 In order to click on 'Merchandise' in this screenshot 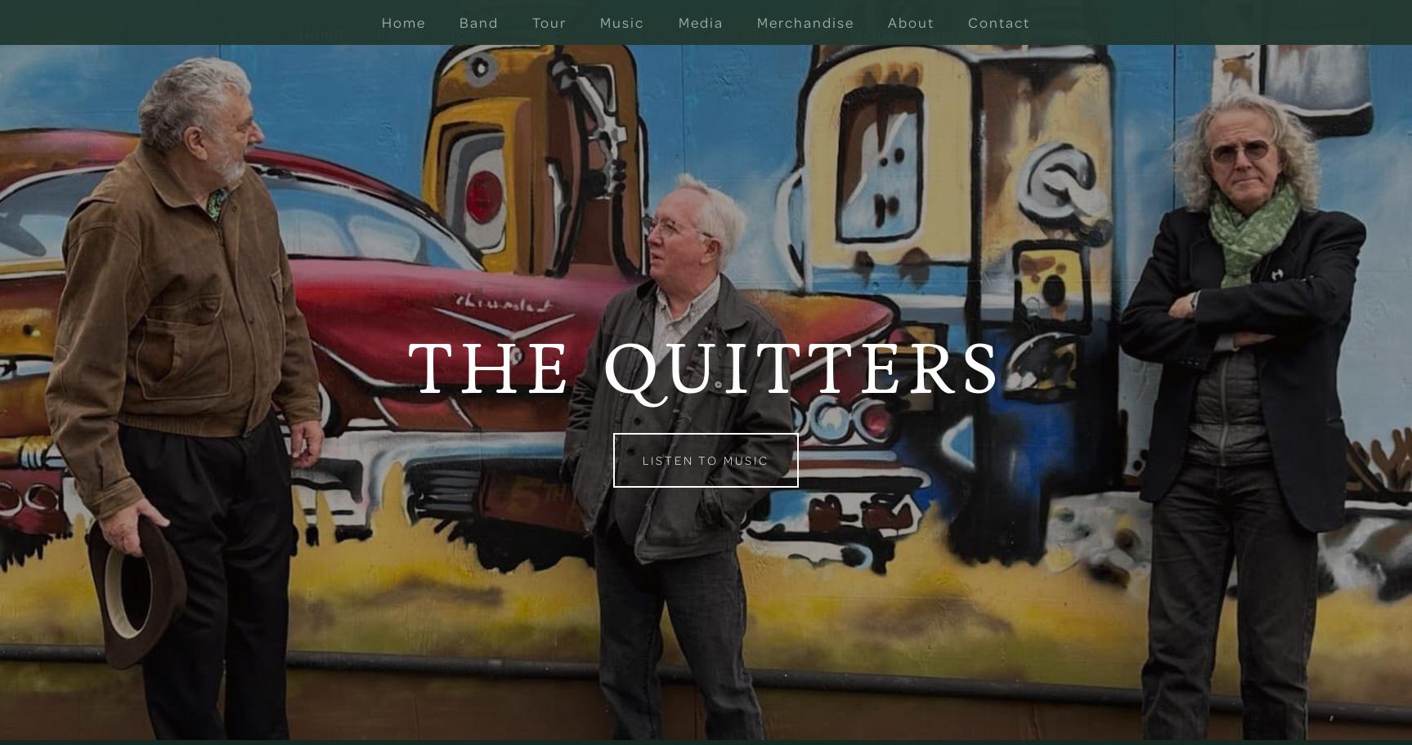, I will do `click(928, 33)`.